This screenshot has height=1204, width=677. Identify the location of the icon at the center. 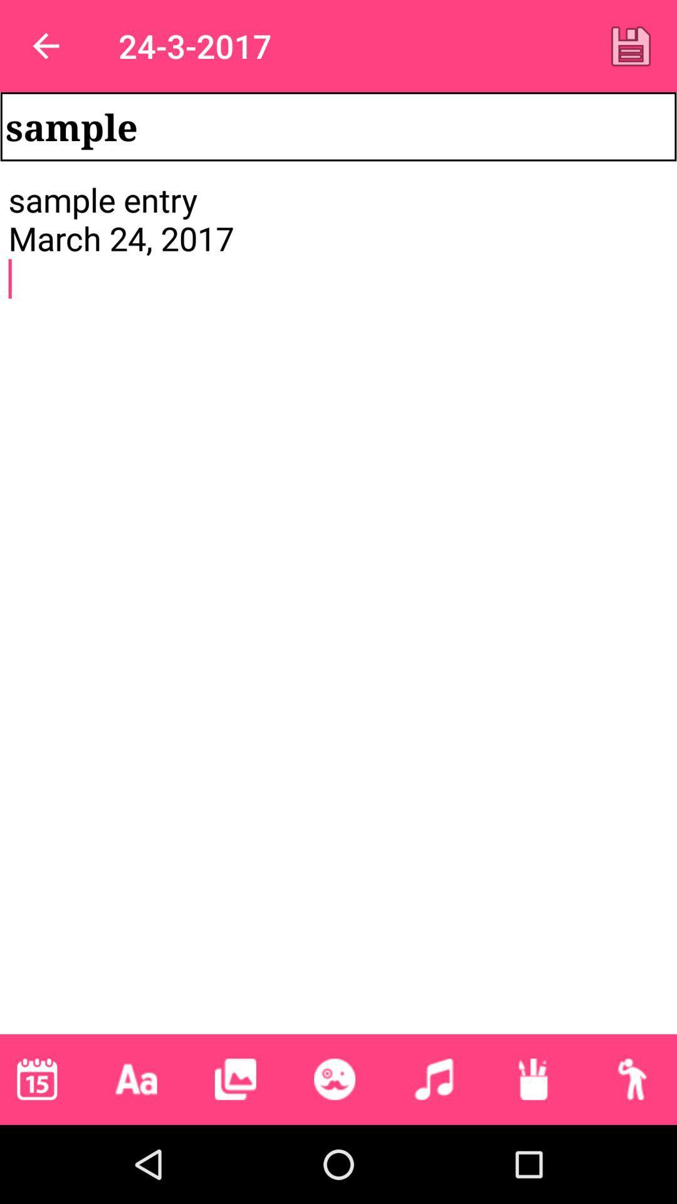
(338, 606).